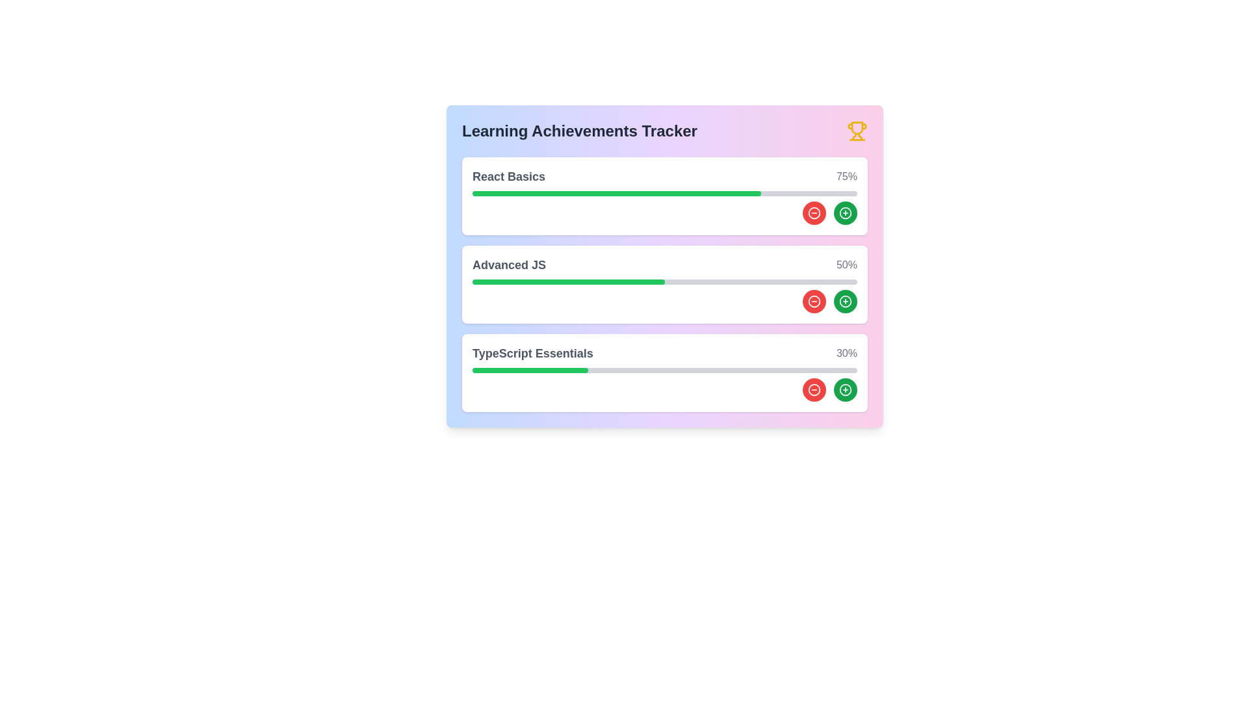 This screenshot has height=702, width=1248. Describe the element at coordinates (813, 389) in the screenshot. I see `the leftmost red circular button with a horizontal line, located in the bottom row of a cluster of icons` at that location.